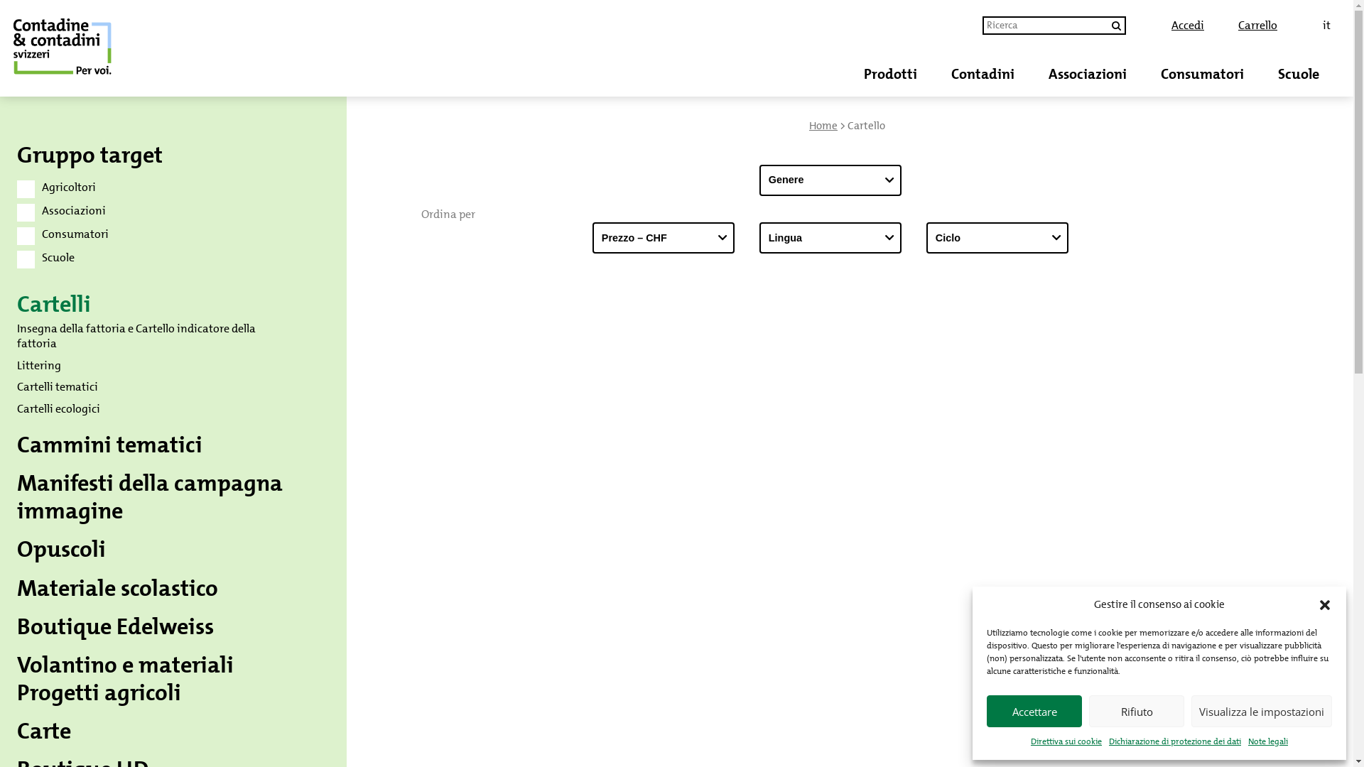 This screenshot has height=767, width=1364. I want to click on 'Dichiarazione di protezione dei dati', so click(1108, 741).